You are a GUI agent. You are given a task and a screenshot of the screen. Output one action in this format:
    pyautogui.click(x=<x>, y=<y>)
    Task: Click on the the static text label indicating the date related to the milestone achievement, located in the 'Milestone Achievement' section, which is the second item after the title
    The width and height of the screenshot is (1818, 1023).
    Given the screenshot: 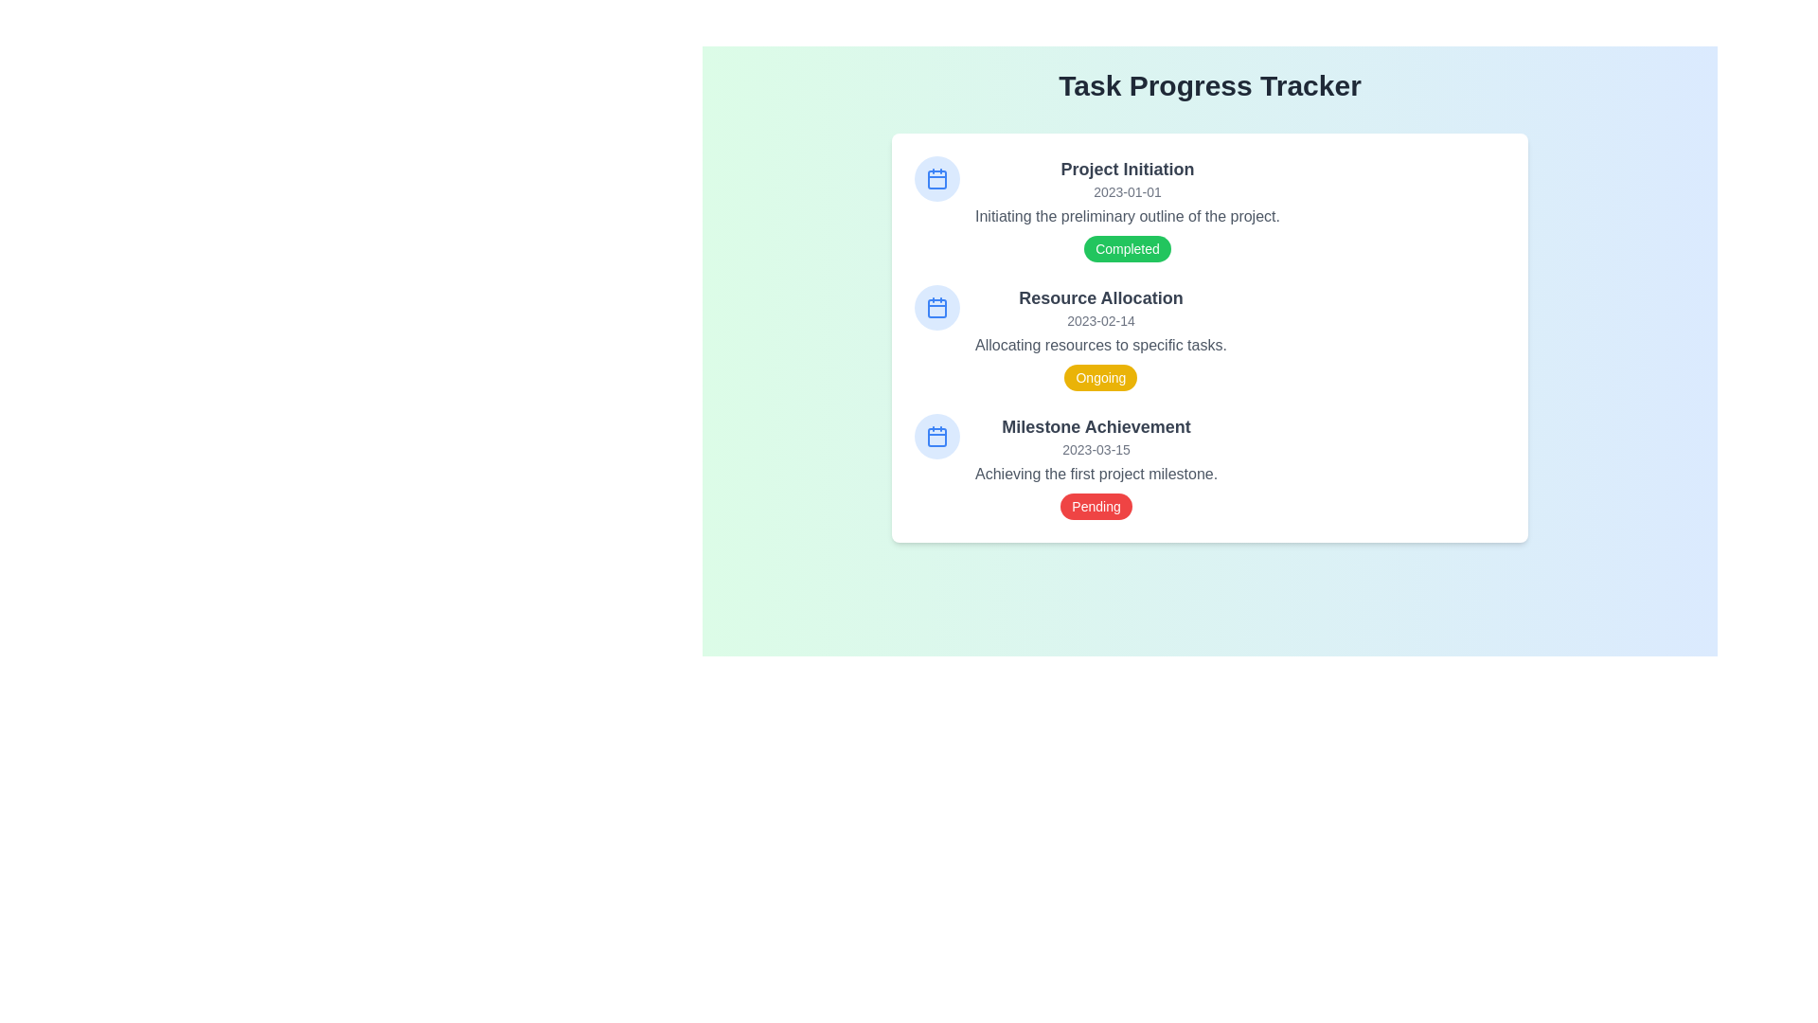 What is the action you would take?
    pyautogui.click(x=1096, y=449)
    